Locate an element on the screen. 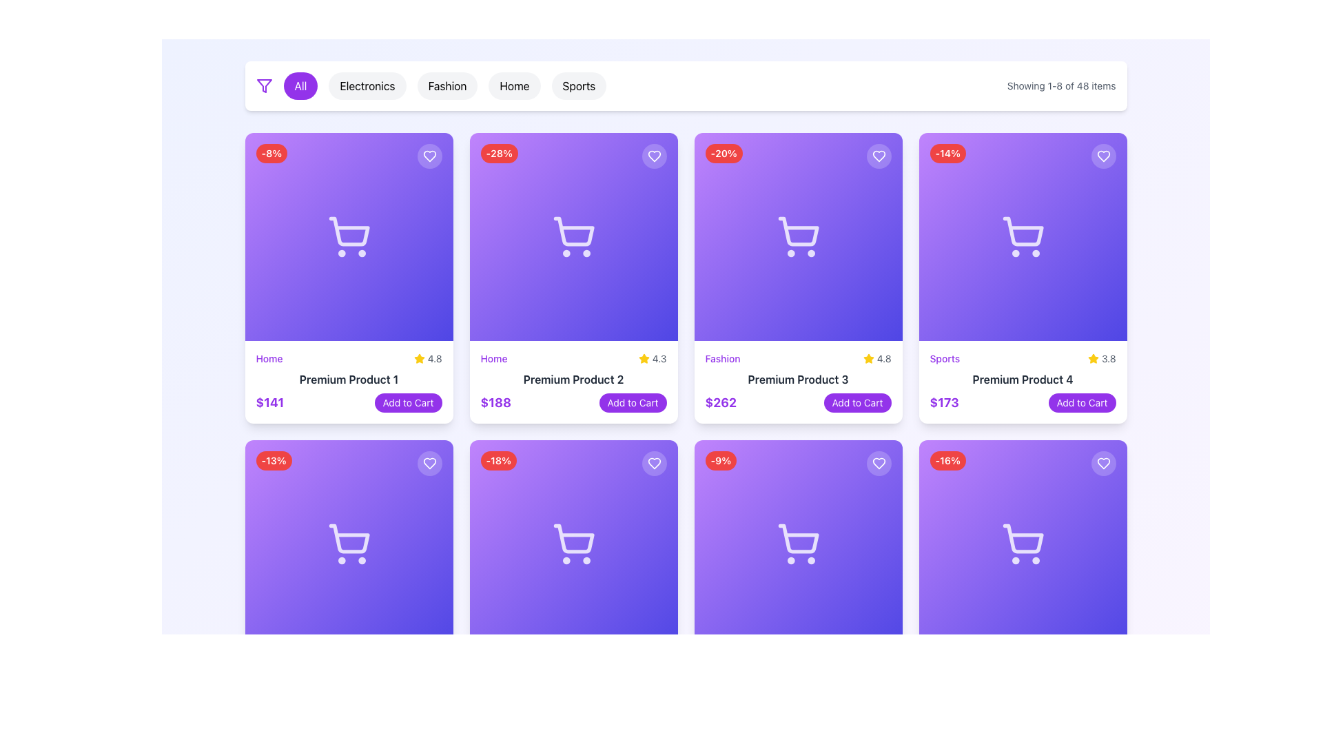 This screenshot has height=744, width=1323. the heart icon button located at the top right corner of the card for 'Premium Product 3' to favorite the item is located at coordinates (878, 463).